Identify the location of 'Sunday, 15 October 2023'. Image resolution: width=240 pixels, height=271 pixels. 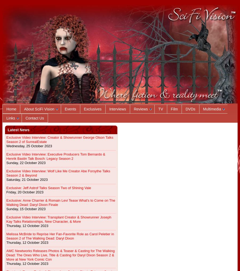
(26, 209).